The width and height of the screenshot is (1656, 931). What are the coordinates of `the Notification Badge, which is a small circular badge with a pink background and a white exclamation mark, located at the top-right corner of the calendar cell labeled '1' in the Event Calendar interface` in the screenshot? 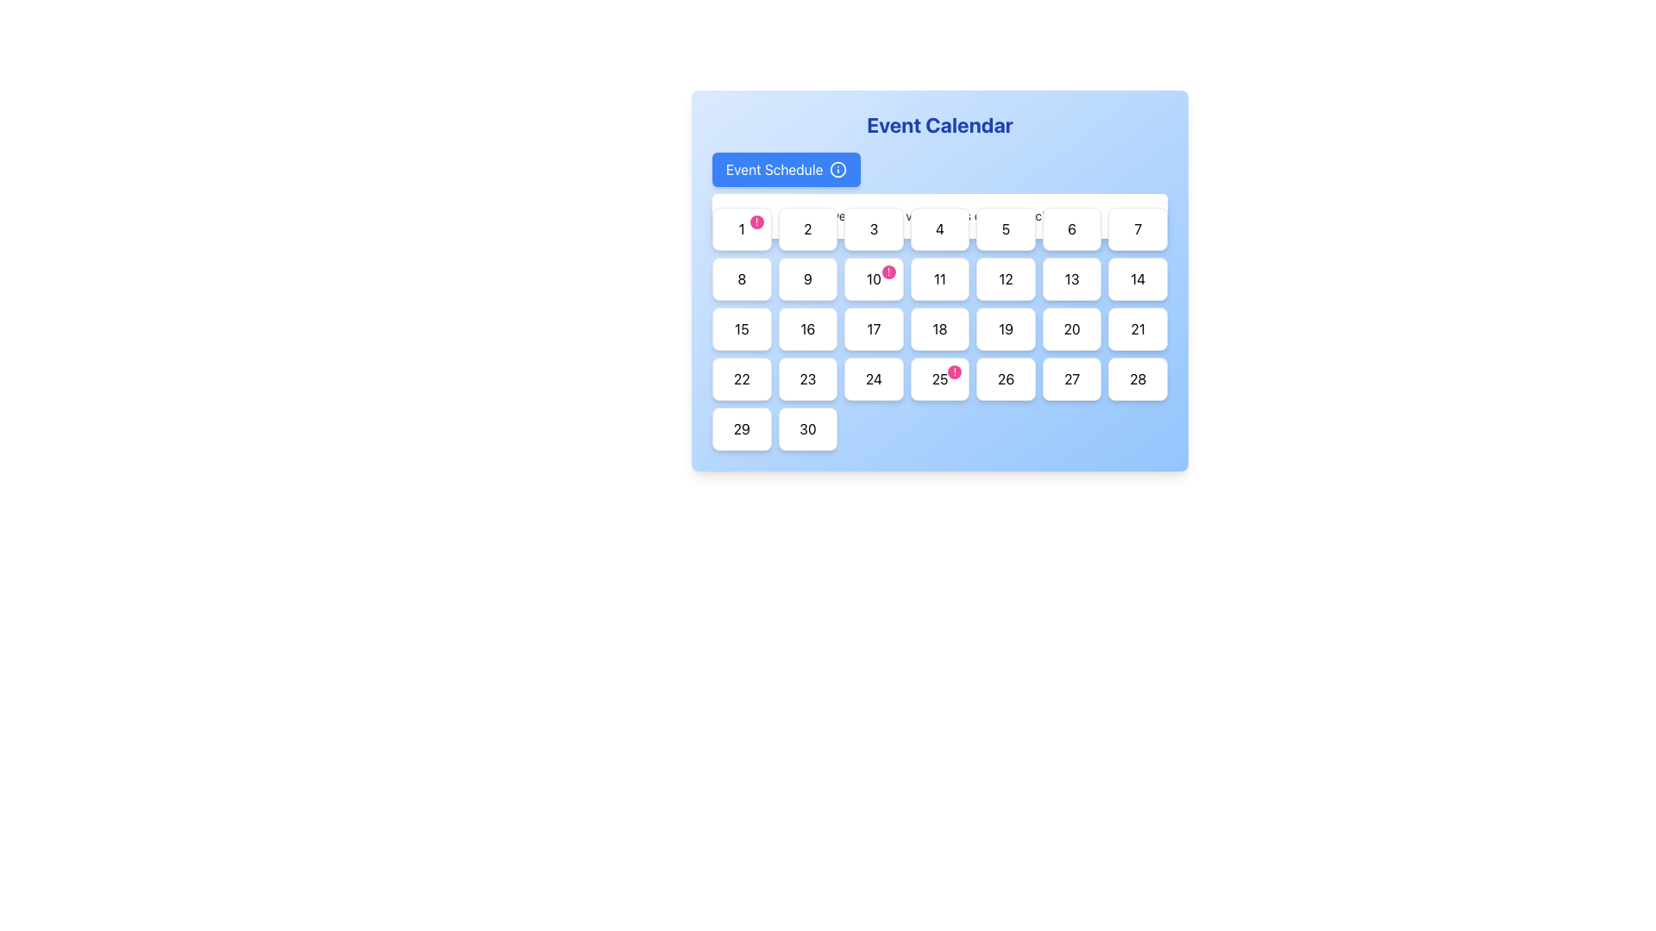 It's located at (756, 222).